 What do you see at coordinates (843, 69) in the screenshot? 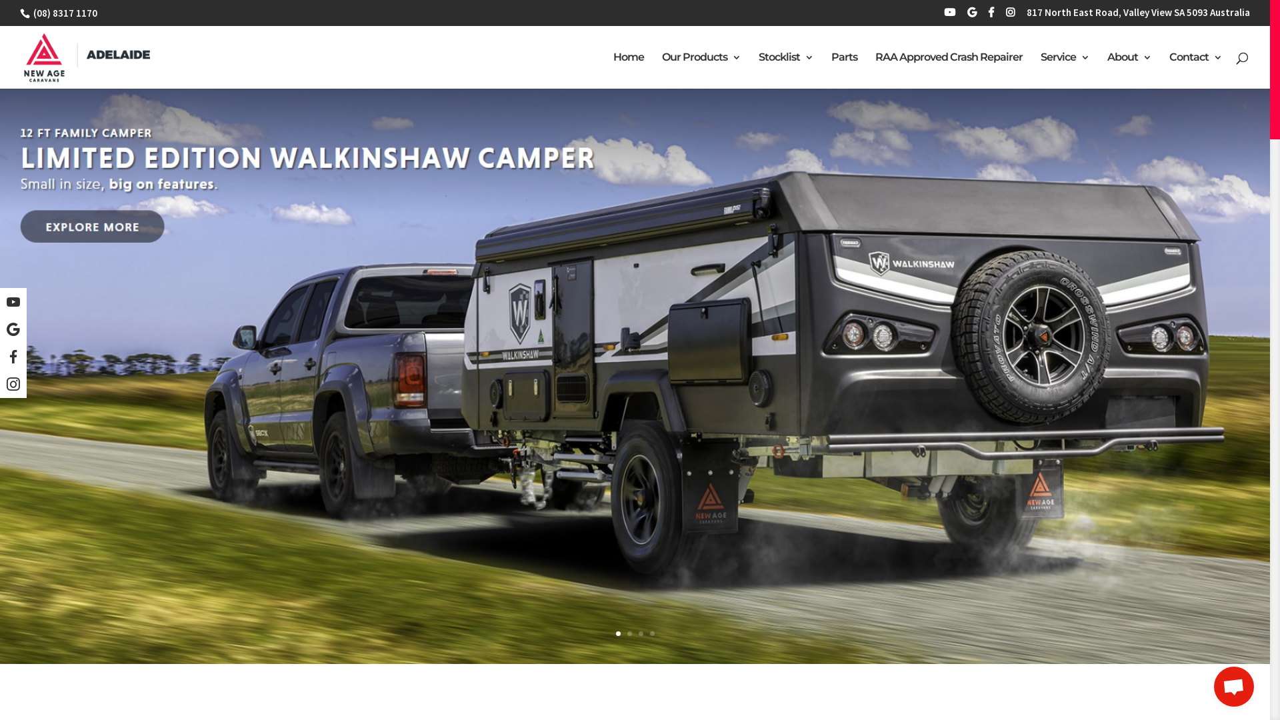
I see `'Parts'` at bounding box center [843, 69].